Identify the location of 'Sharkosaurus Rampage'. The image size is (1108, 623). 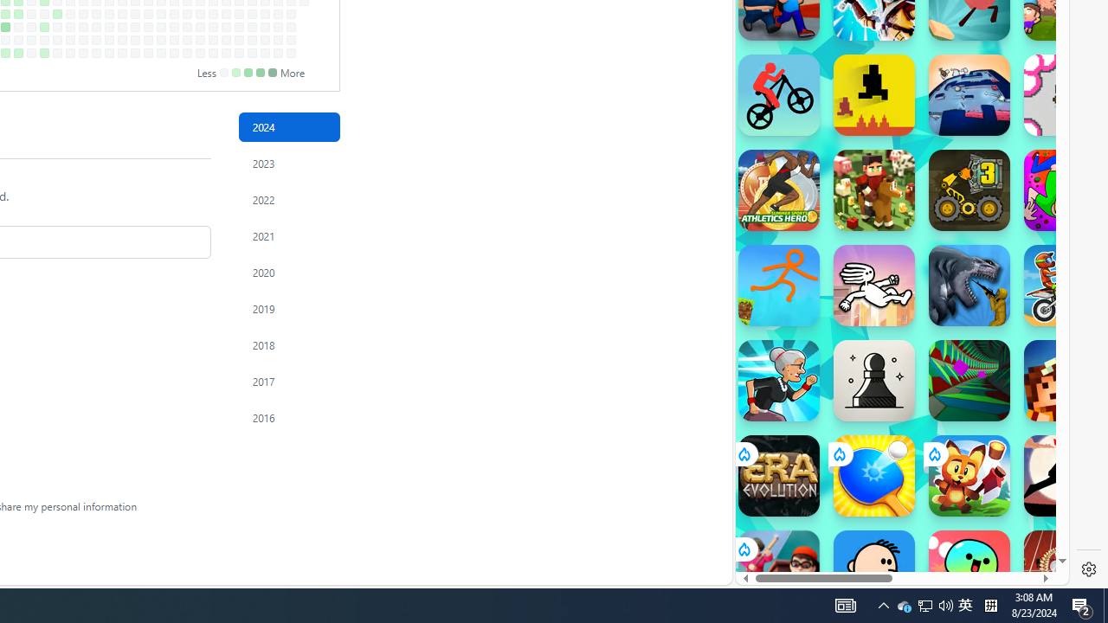
(969, 285).